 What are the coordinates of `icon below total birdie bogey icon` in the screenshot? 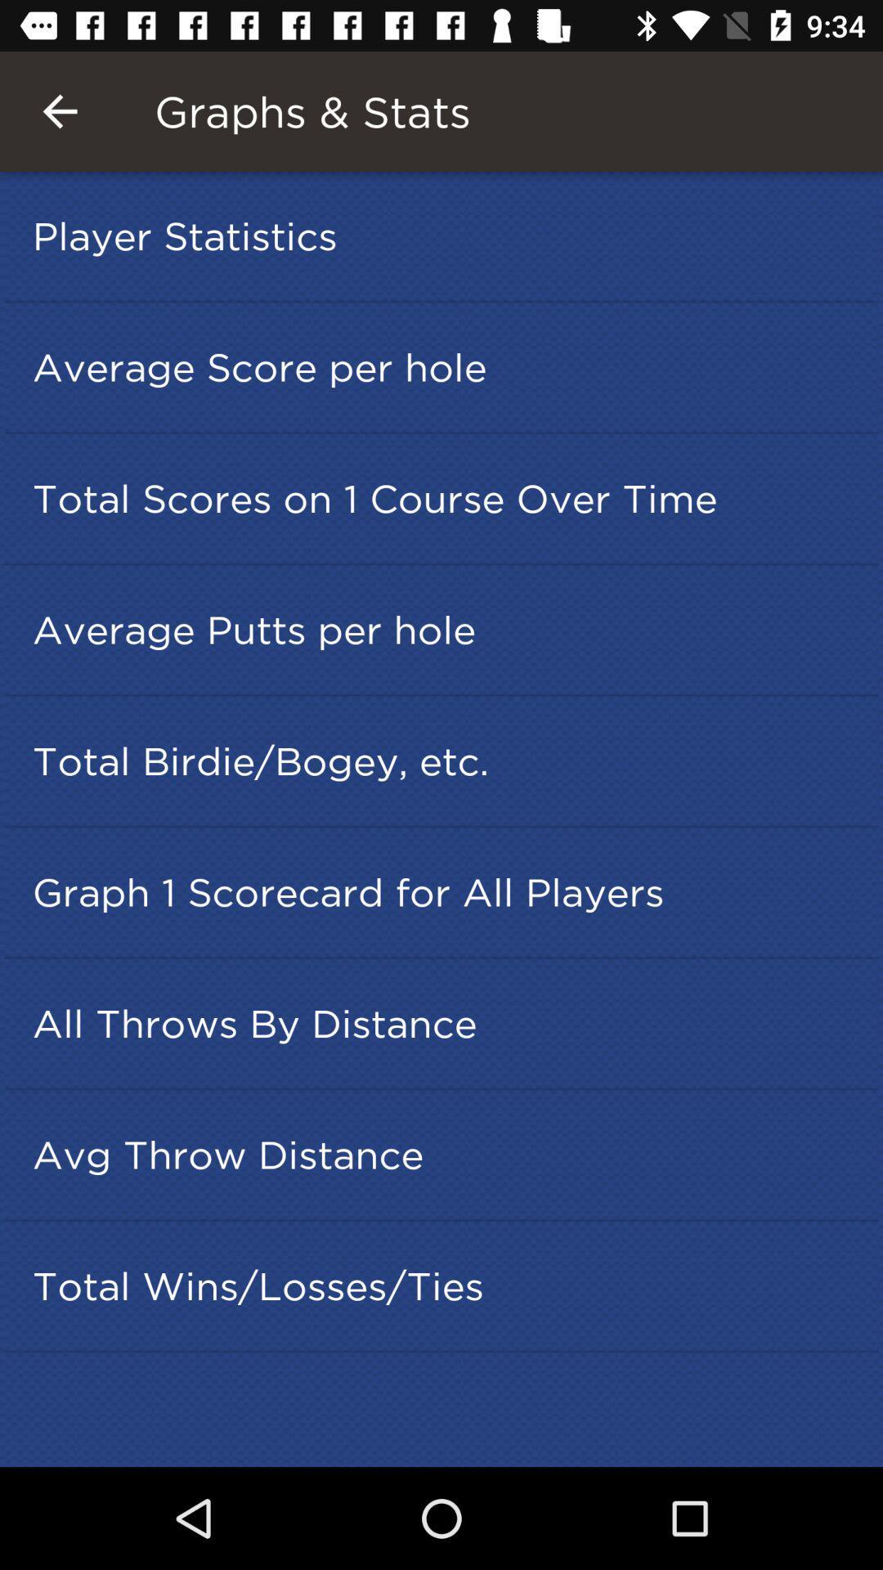 It's located at (446, 891).